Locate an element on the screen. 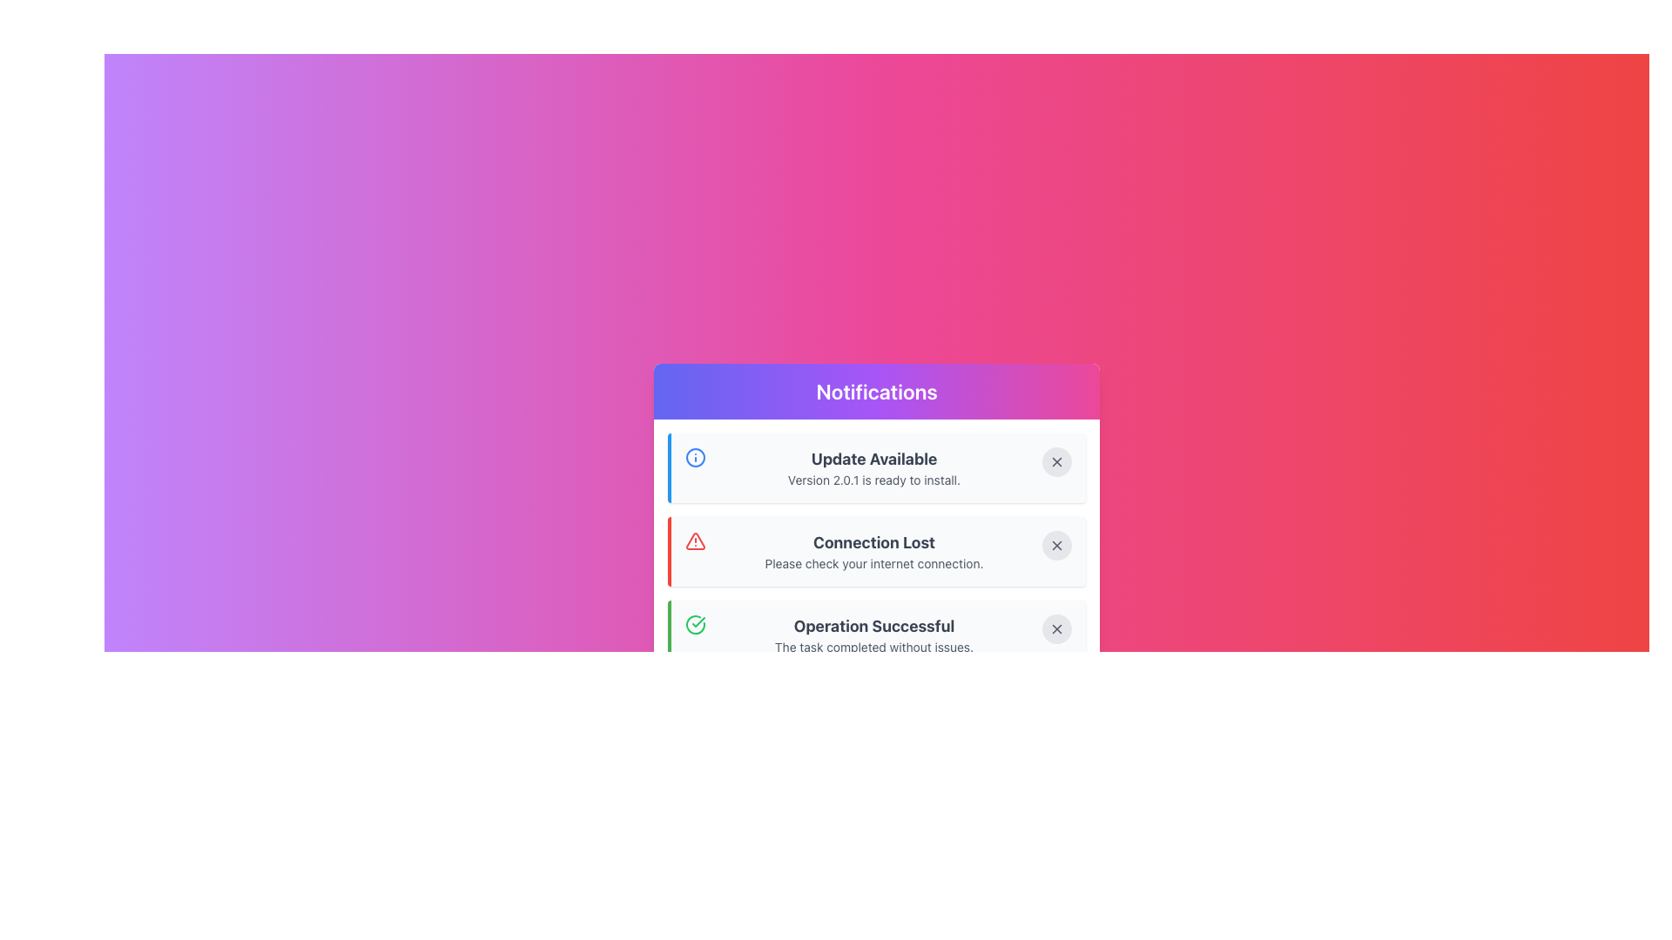  the checkmark icon within the green circular arc located is located at coordinates (694, 623).